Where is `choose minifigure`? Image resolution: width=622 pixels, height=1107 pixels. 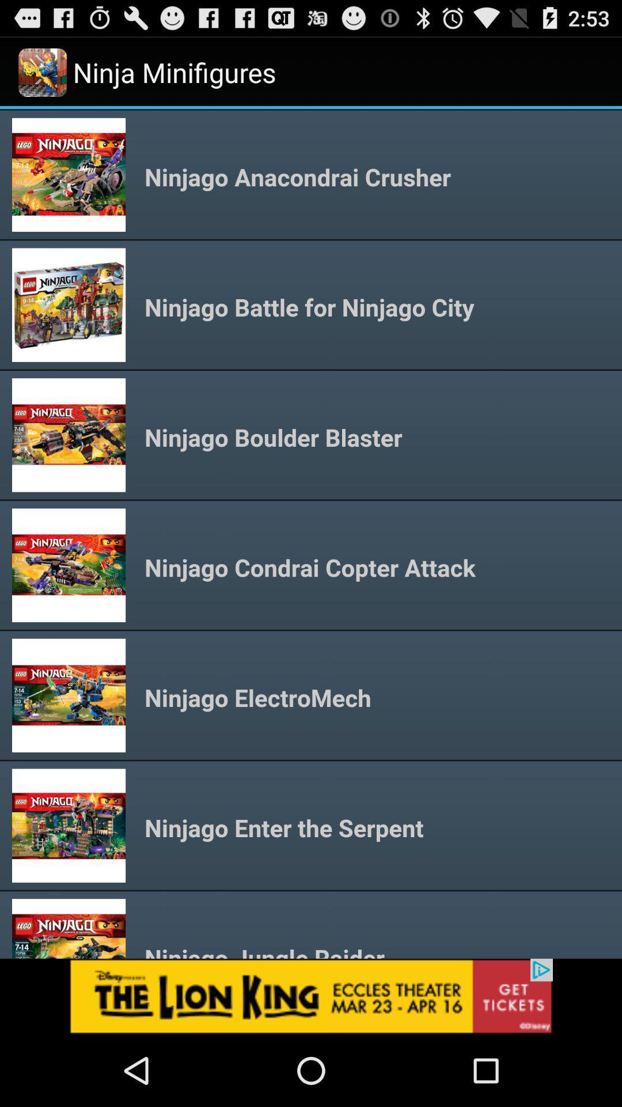
choose minifigure is located at coordinates (311, 533).